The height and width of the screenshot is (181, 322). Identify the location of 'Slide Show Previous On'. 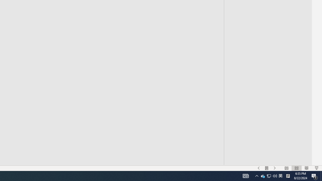
(259, 168).